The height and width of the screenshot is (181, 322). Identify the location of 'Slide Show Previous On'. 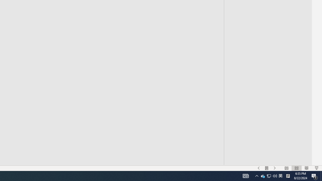
(259, 168).